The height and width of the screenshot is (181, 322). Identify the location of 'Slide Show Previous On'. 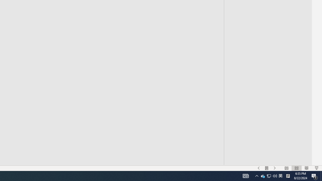
(259, 168).